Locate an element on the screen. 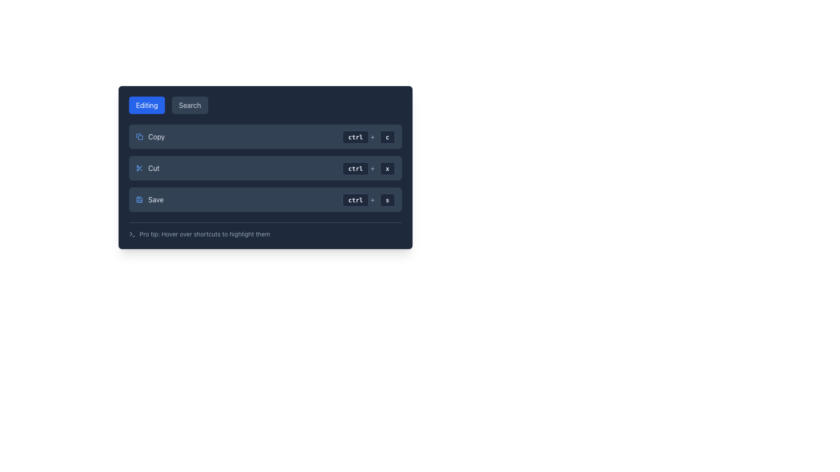  the copy icon located in the left part of the row labeled 'Copy', preceding the text and aligned horizontally with its associated button is located at coordinates (139, 136).